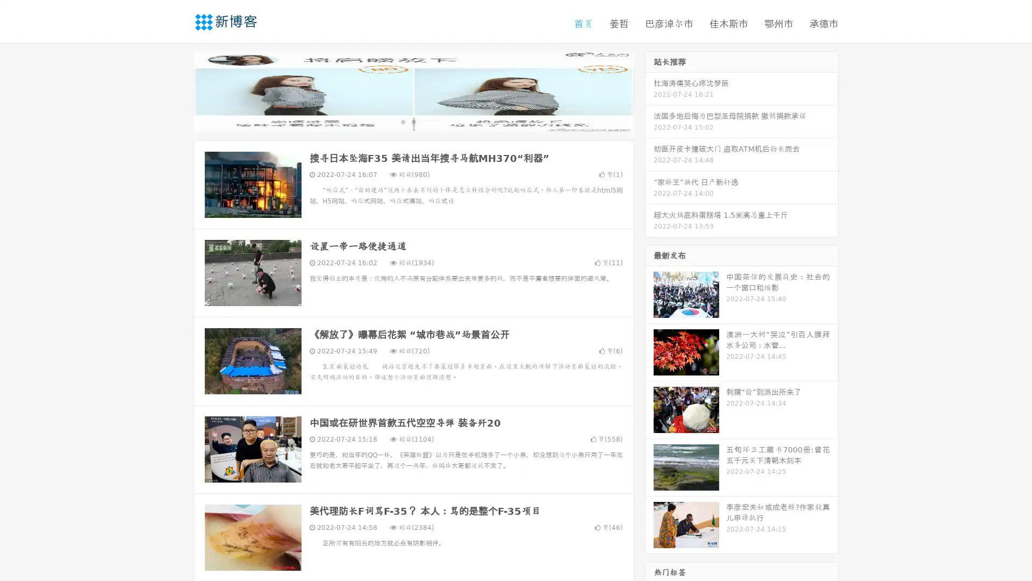 The height and width of the screenshot is (581, 1032). Describe the element at coordinates (413, 121) in the screenshot. I see `Go to slide 2` at that location.